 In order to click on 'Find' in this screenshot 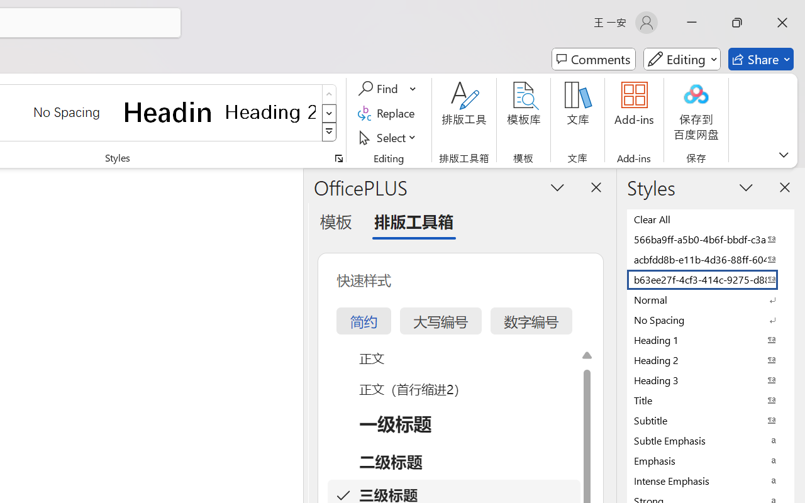, I will do `click(379, 89)`.